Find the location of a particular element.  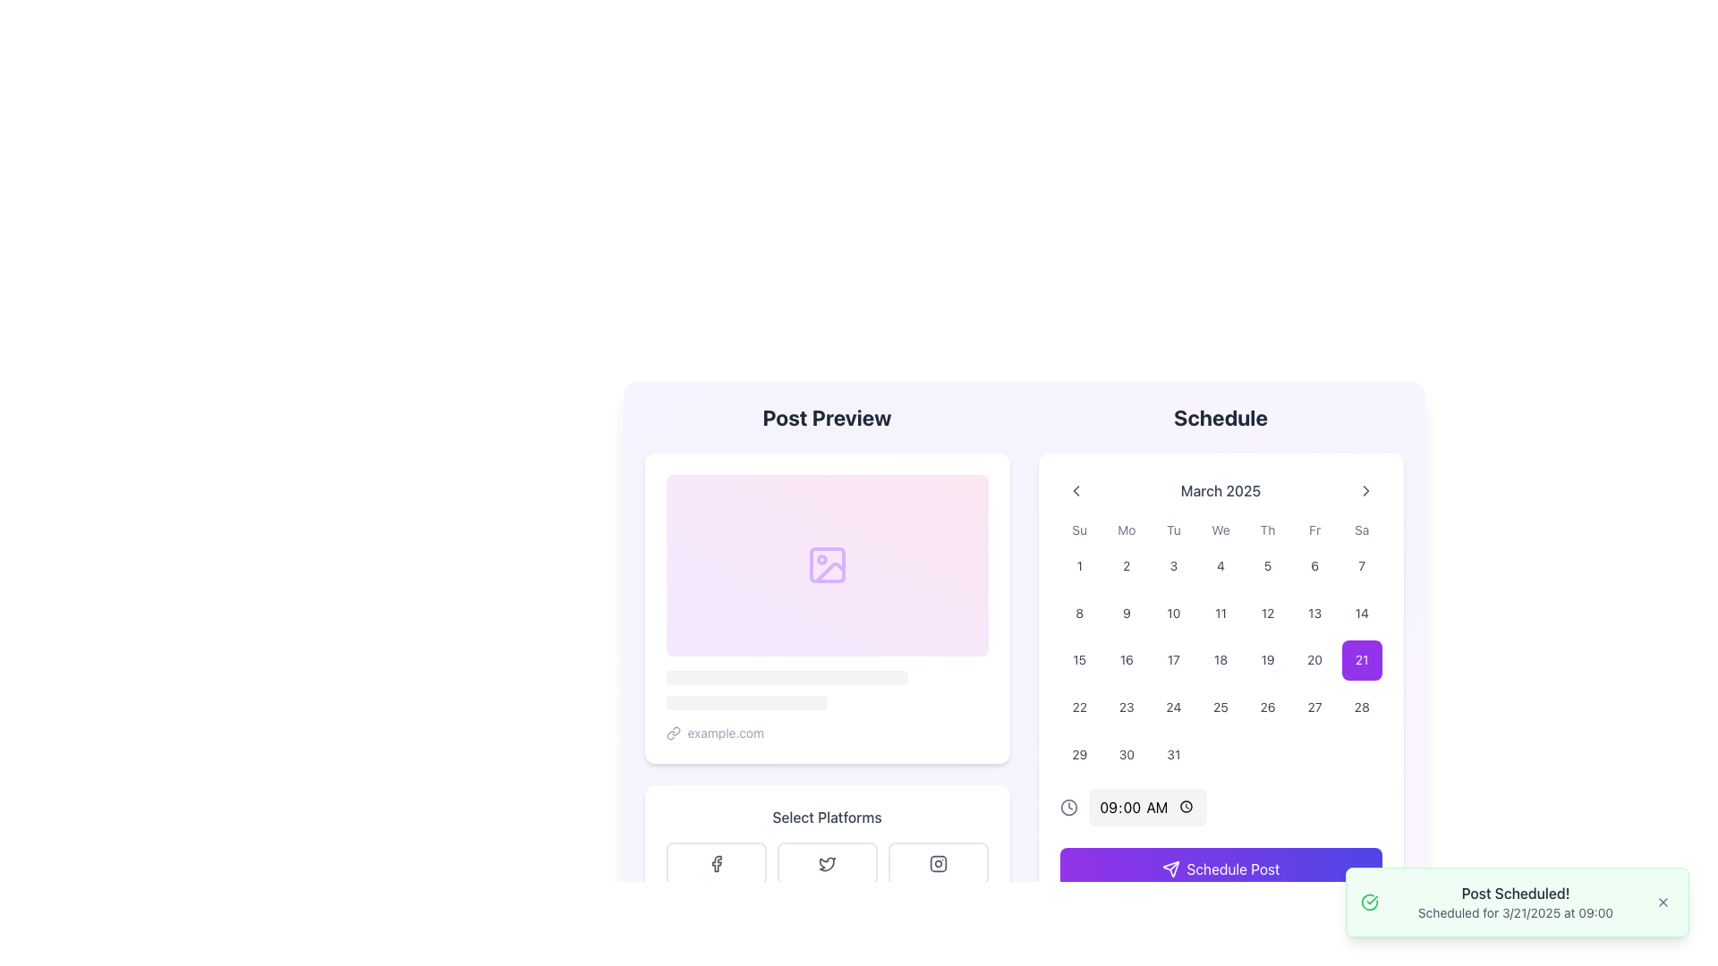

the right-facing chevron icon located in the top-right corner of the calendar header is located at coordinates (1365, 490).